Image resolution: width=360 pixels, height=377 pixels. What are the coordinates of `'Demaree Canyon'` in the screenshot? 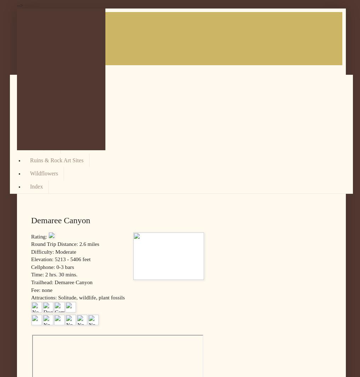 It's located at (60, 220).